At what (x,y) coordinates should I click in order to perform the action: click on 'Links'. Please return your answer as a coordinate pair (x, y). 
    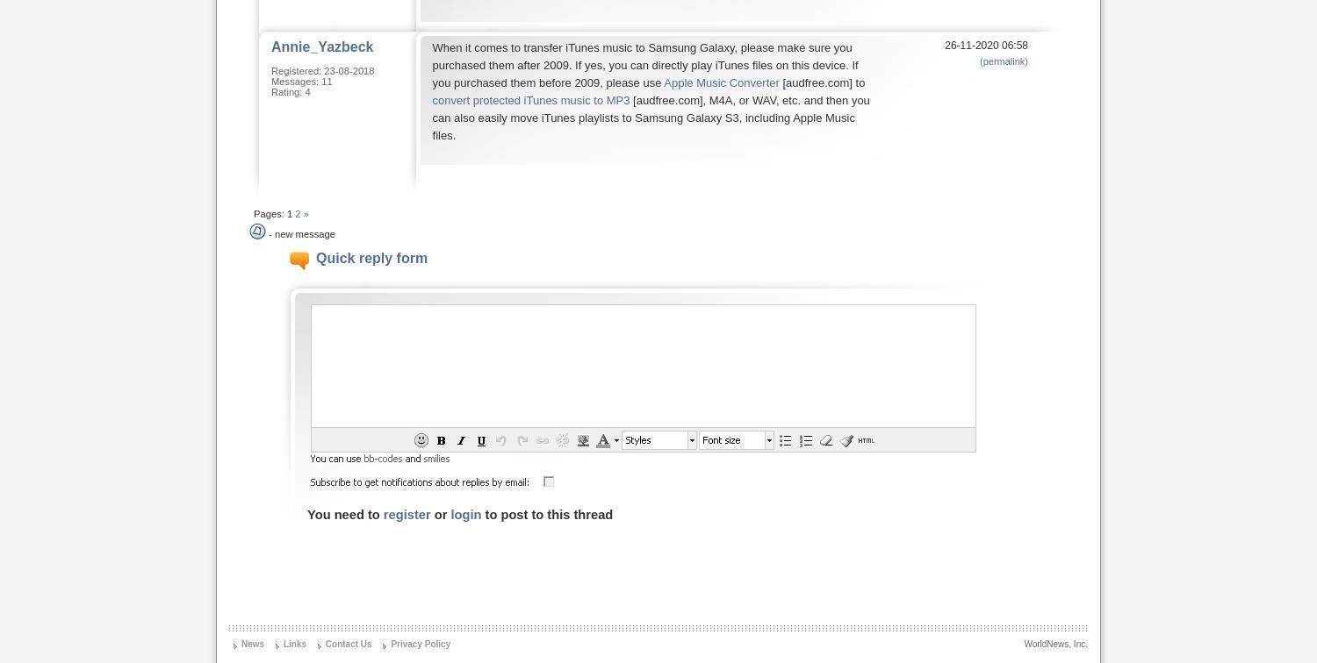
    Looking at the image, I should click on (293, 644).